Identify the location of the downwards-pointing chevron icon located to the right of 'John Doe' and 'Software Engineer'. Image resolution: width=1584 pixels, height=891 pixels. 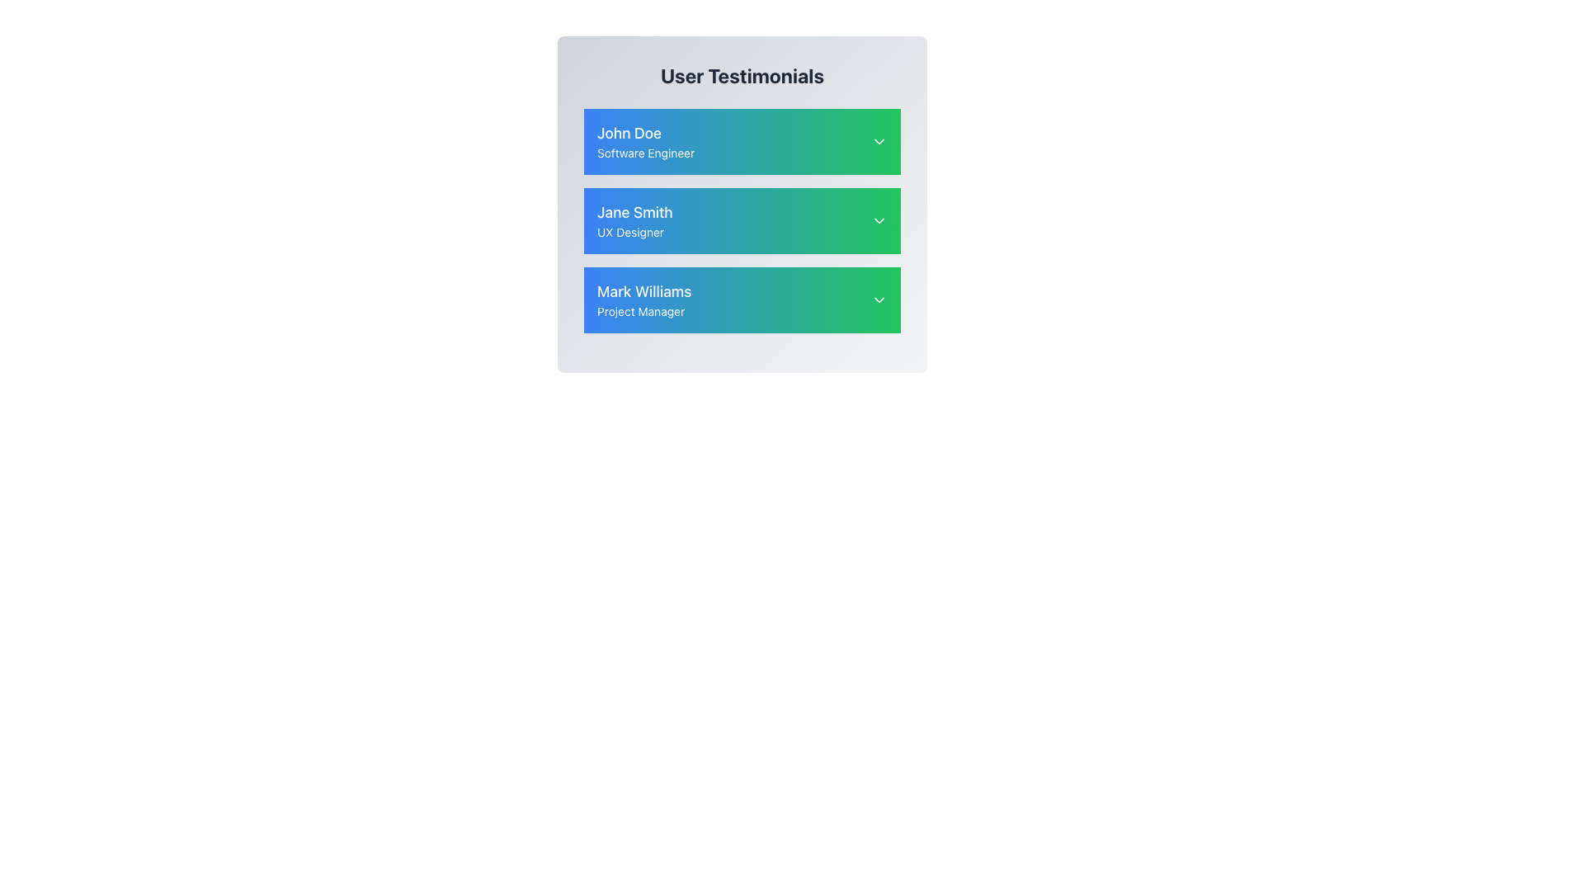
(878, 141).